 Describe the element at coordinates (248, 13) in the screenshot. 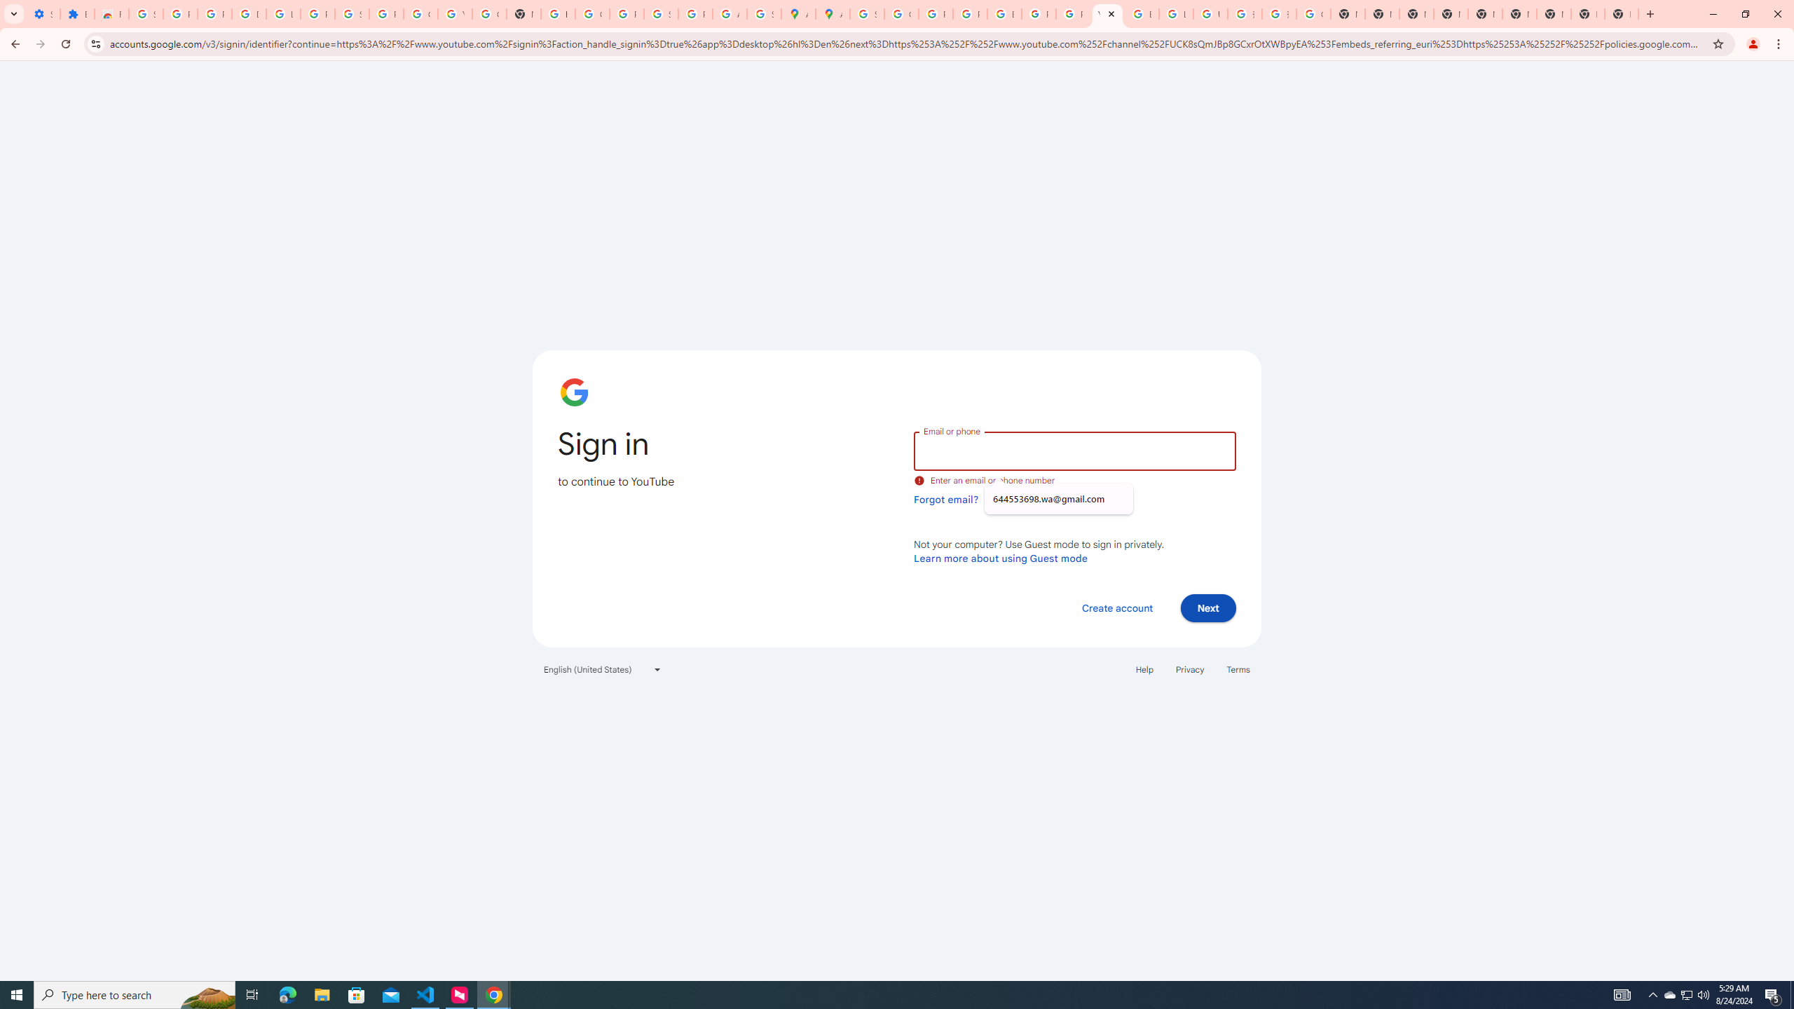

I see `'Delete photos & videos - Computer - Google Photos Help'` at that location.